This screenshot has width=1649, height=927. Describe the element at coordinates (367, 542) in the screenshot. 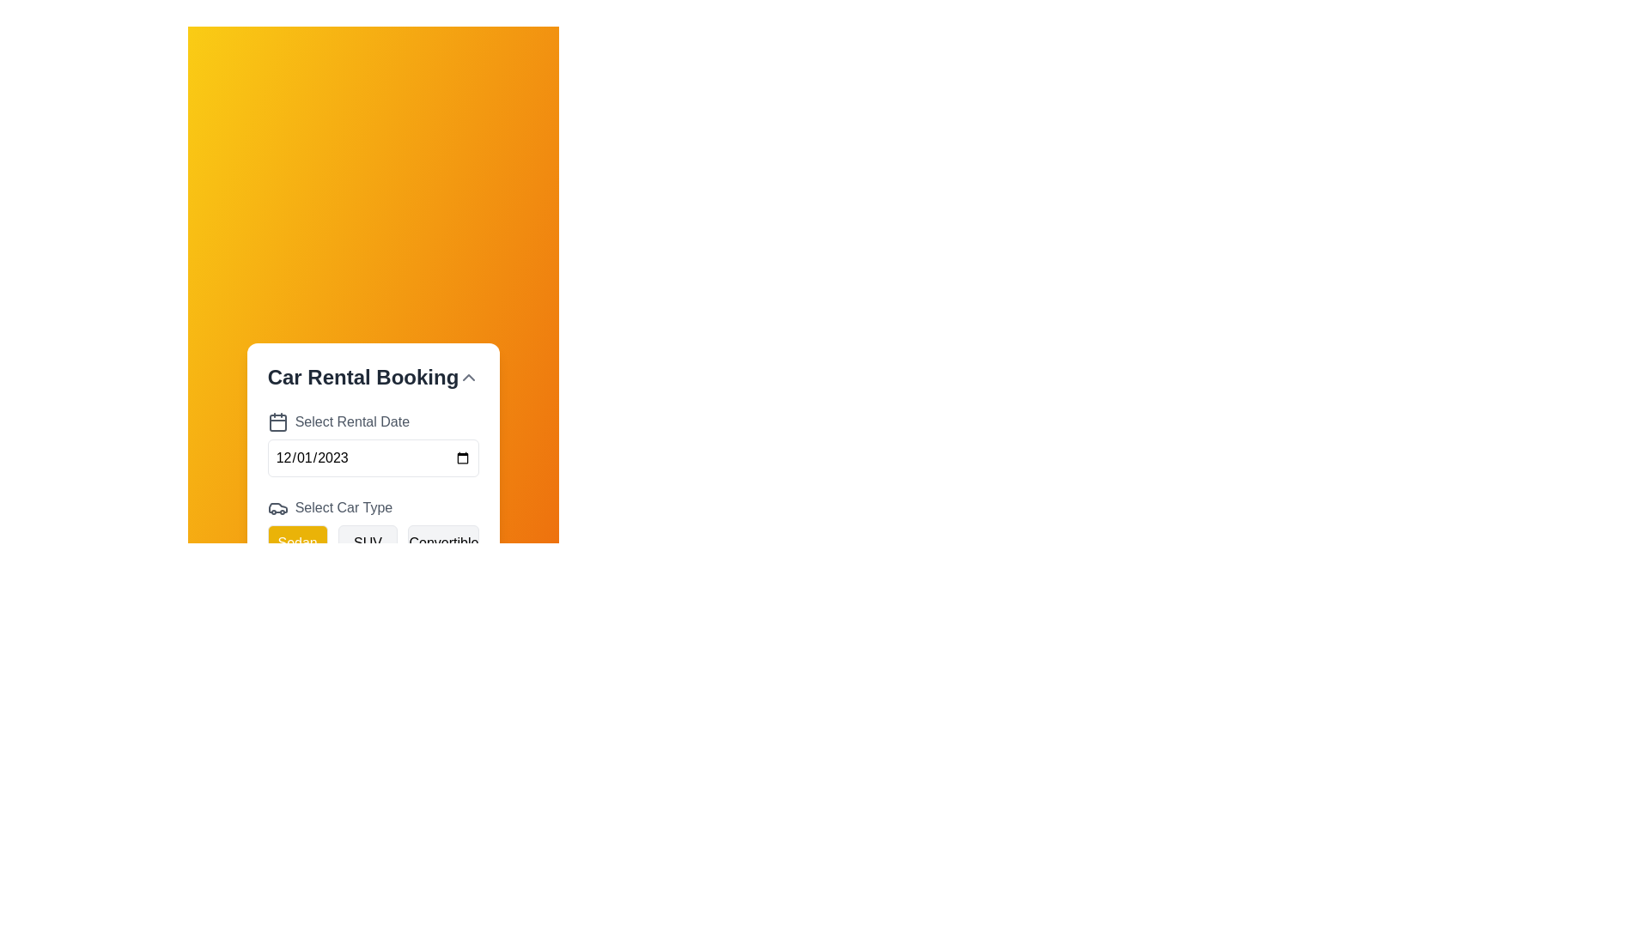

I see `the 'SUV' button, which is the second button in a row of three buttons under the 'Select Car Type' label` at that location.